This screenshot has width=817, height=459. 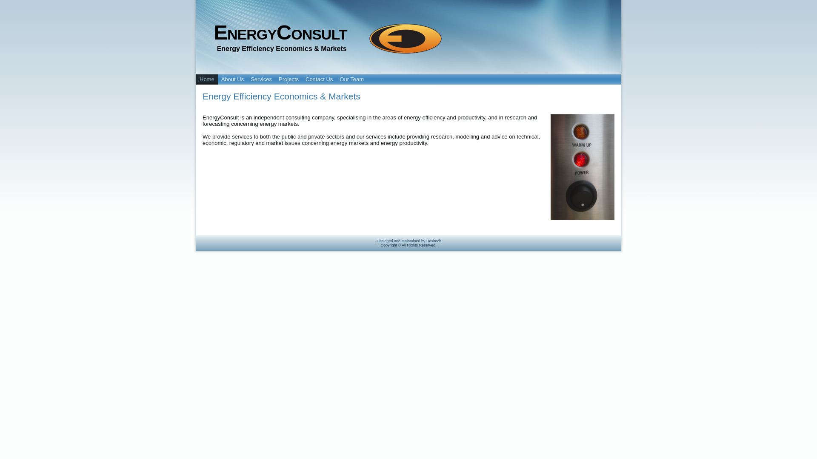 What do you see at coordinates (376, 241) in the screenshot?
I see `'Designed and Maintained by Dexitech'` at bounding box center [376, 241].